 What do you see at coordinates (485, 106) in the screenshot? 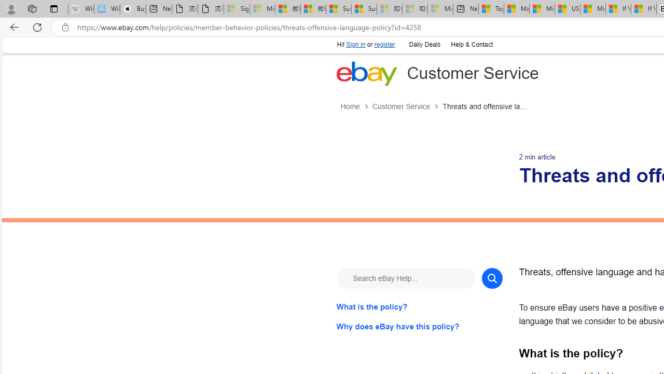
I see `'Threats and offensive language policy'` at bounding box center [485, 106].